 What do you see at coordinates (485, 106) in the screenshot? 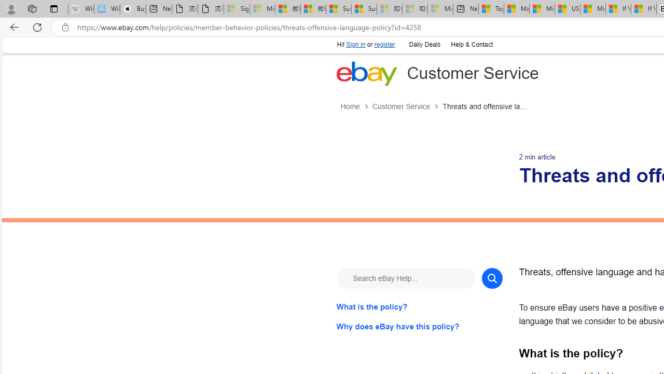
I see `'Threats and offensive language policy'` at bounding box center [485, 106].